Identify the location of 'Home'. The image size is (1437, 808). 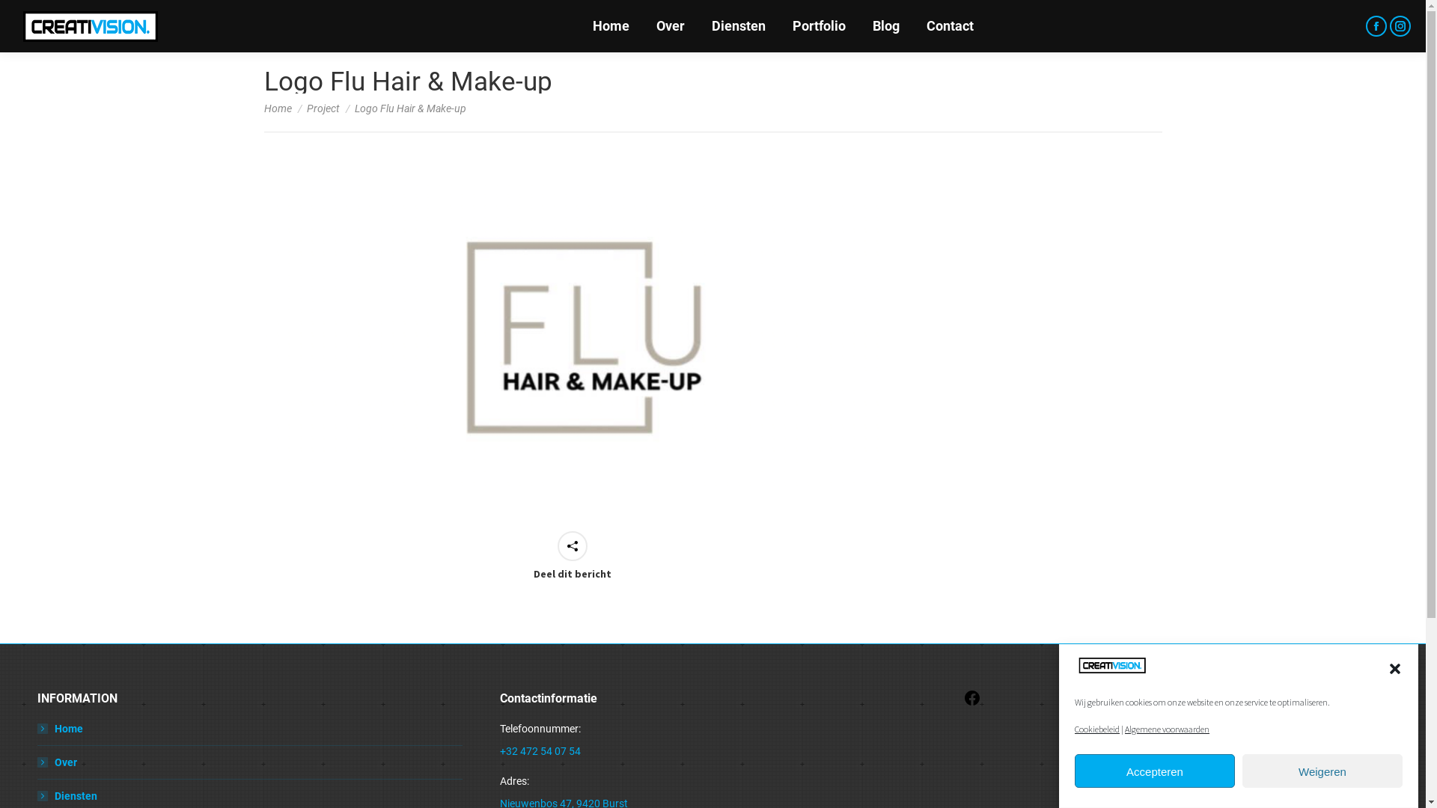
(277, 108).